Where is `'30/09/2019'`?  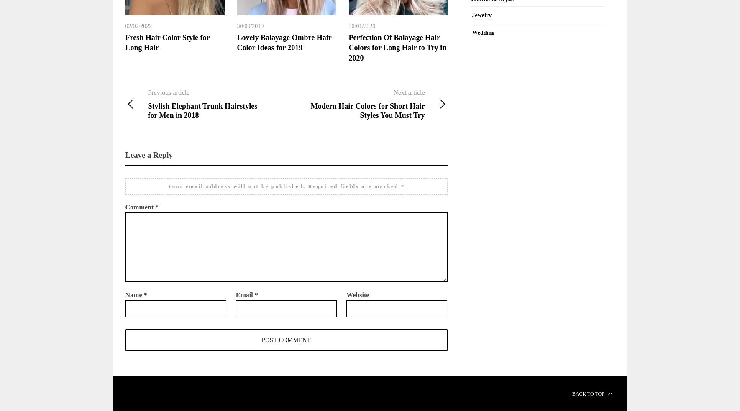
'30/09/2019' is located at coordinates (250, 26).